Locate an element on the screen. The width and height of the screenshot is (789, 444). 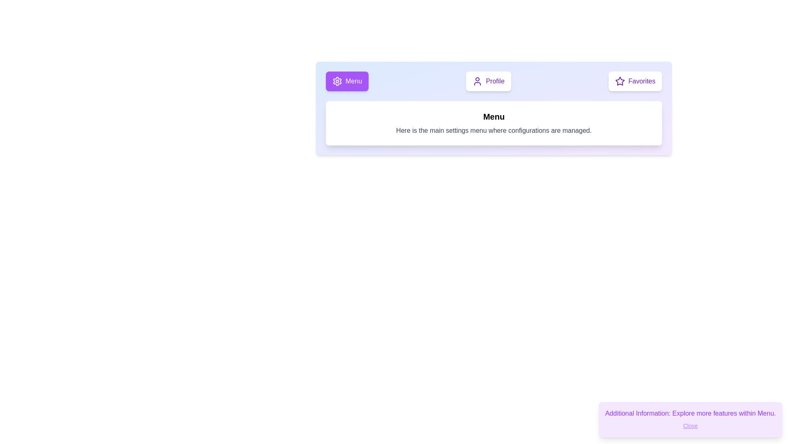
the 'Favorites' icon located at the top-right corner of the interface is located at coordinates (620, 81).